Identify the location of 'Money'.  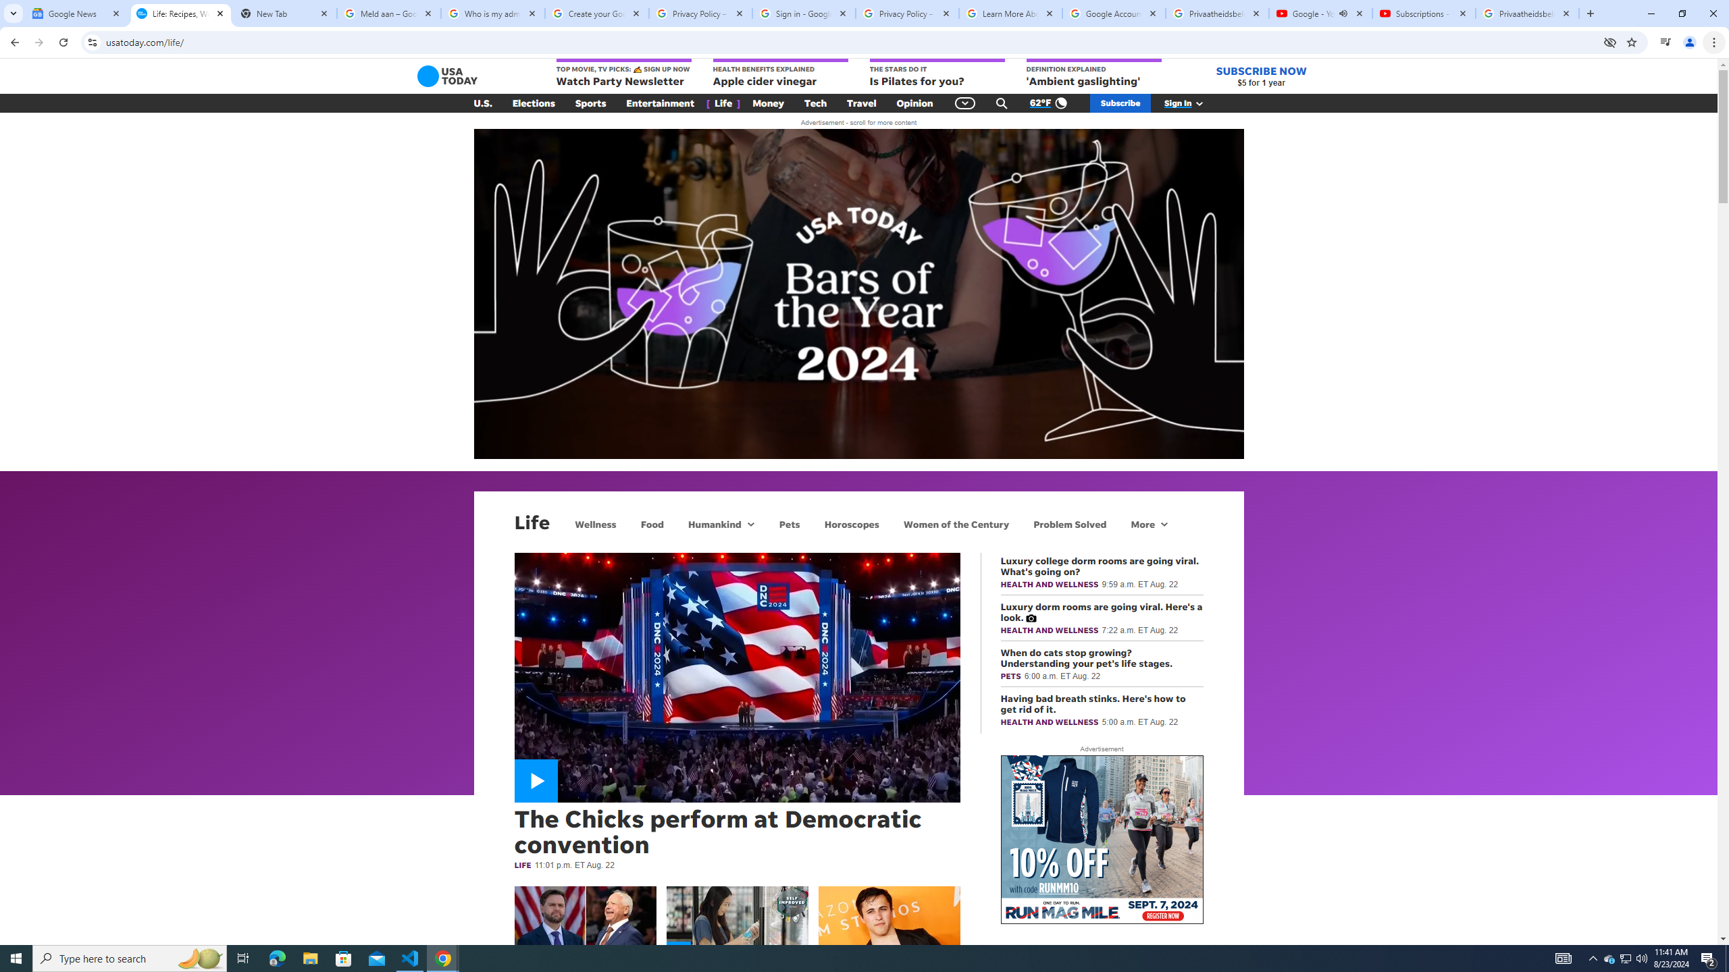
(768, 103).